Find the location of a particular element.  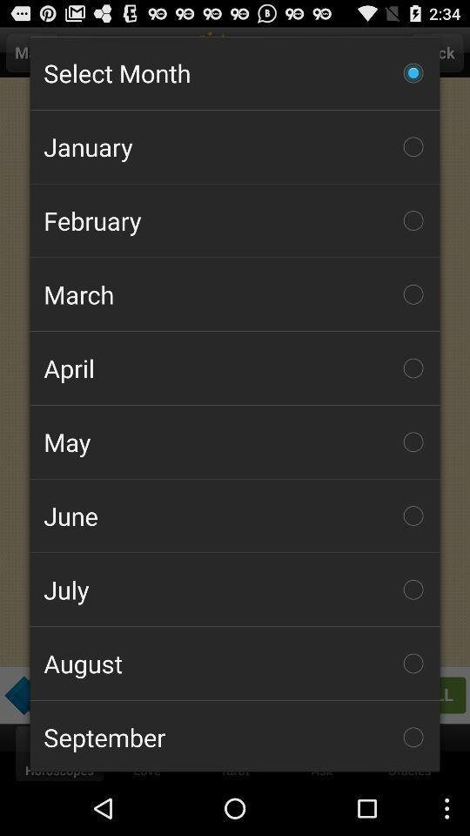

march is located at coordinates (235, 294).